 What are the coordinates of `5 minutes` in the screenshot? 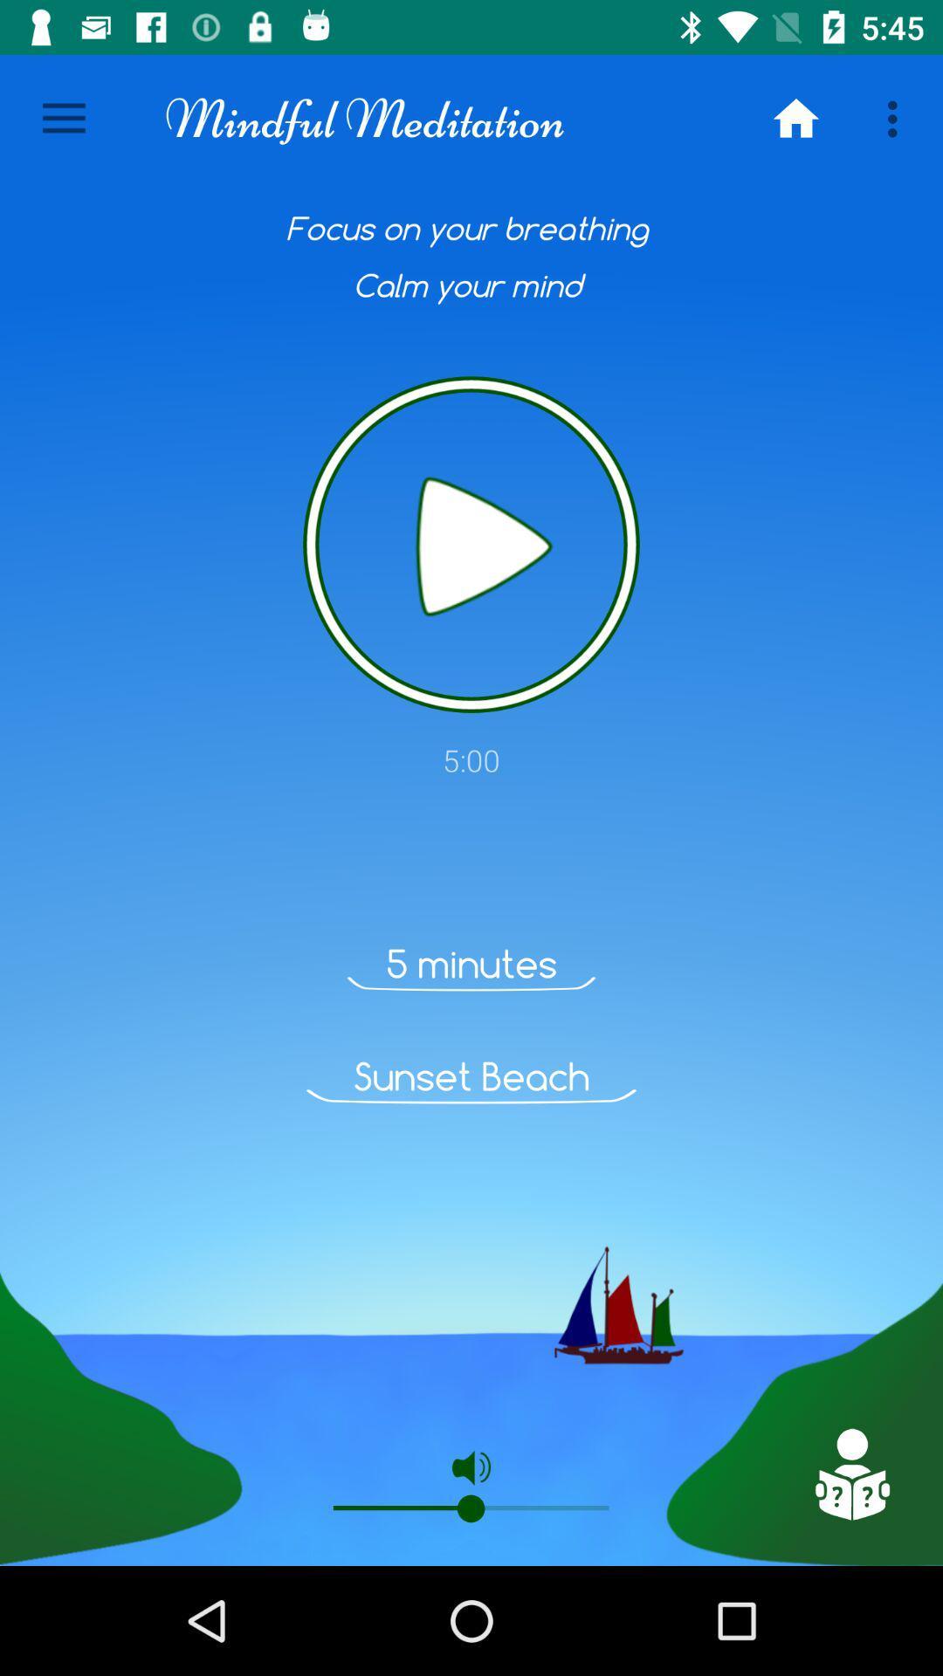 It's located at (471, 963).